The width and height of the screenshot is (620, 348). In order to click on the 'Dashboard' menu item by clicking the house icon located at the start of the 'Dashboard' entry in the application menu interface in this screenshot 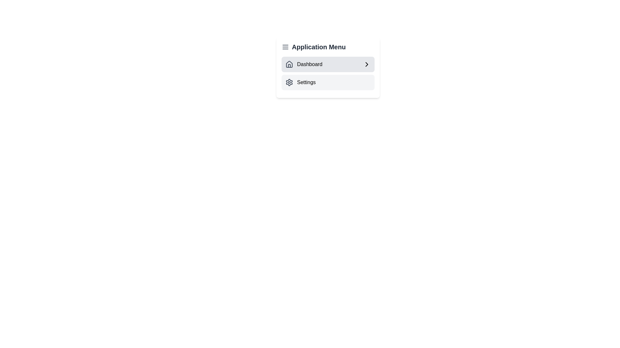, I will do `click(289, 64)`.